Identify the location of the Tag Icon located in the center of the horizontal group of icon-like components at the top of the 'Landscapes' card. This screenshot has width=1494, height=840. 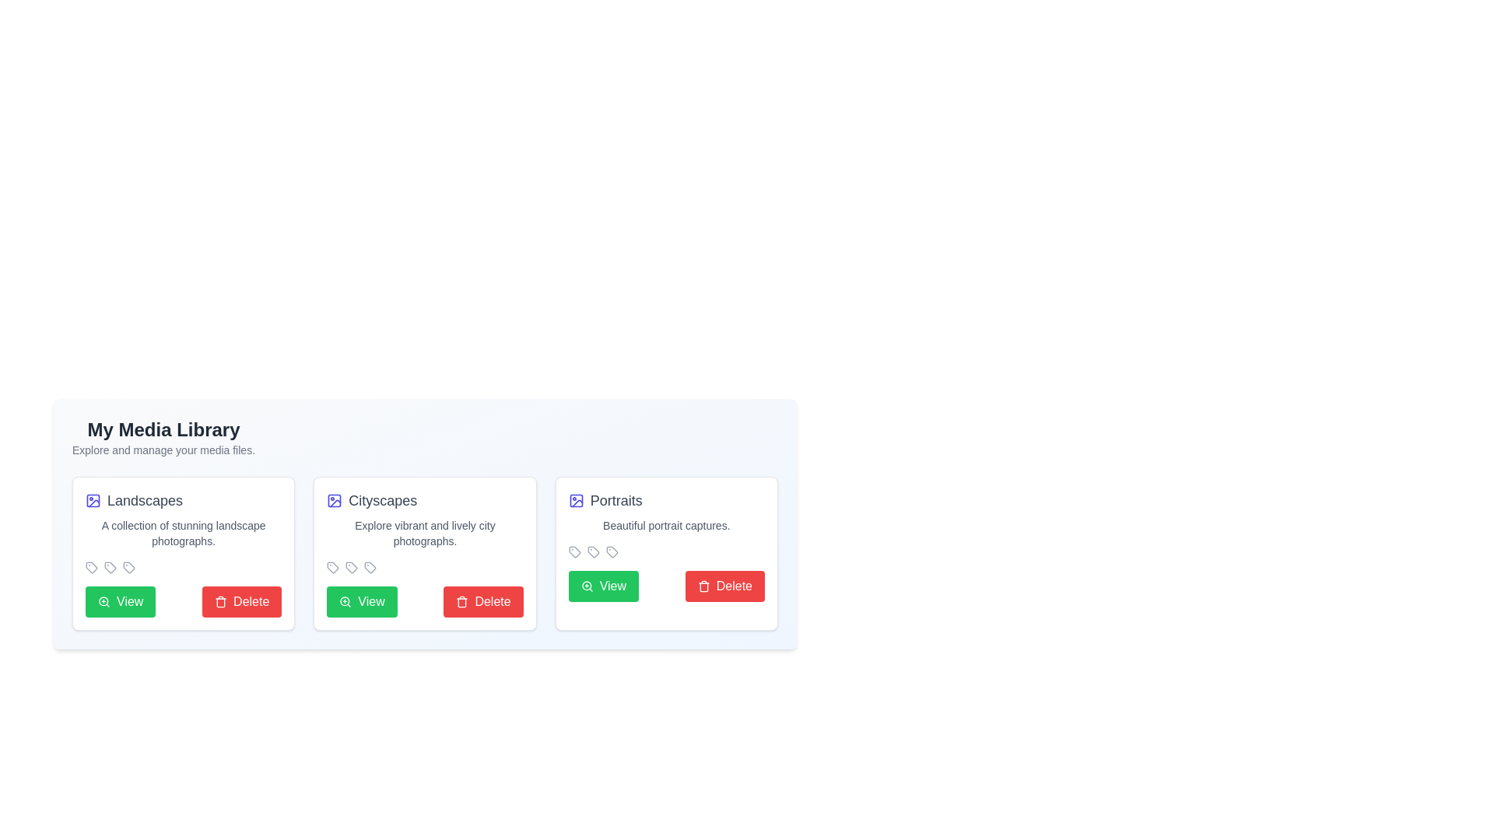
(110, 567).